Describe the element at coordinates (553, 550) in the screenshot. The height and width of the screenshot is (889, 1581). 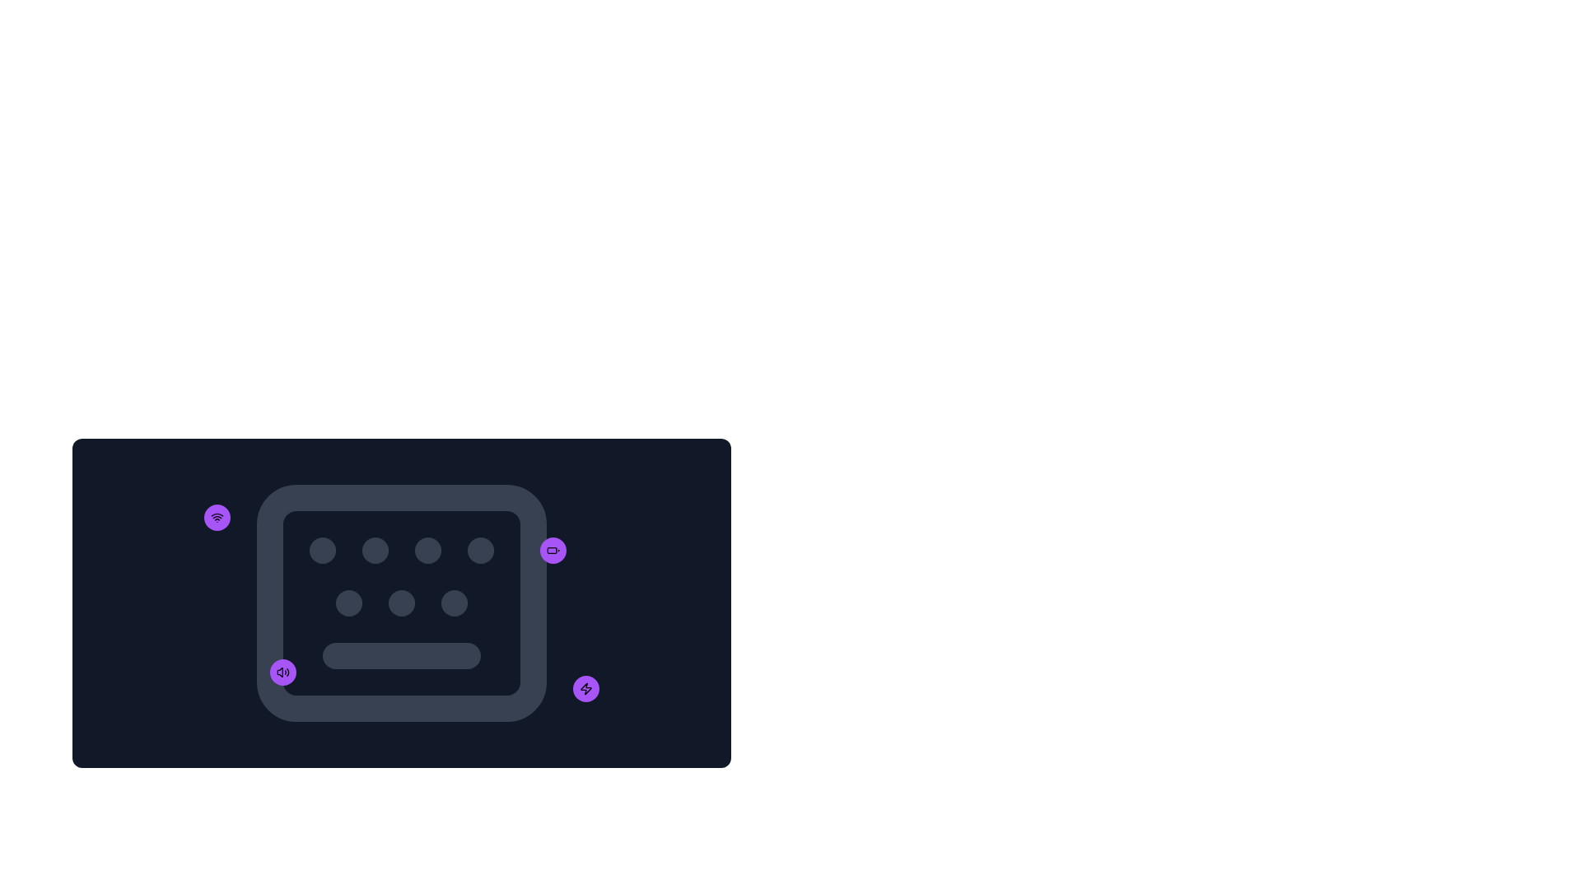
I see `the circular button containing the battery icon, which has a purple background` at that location.